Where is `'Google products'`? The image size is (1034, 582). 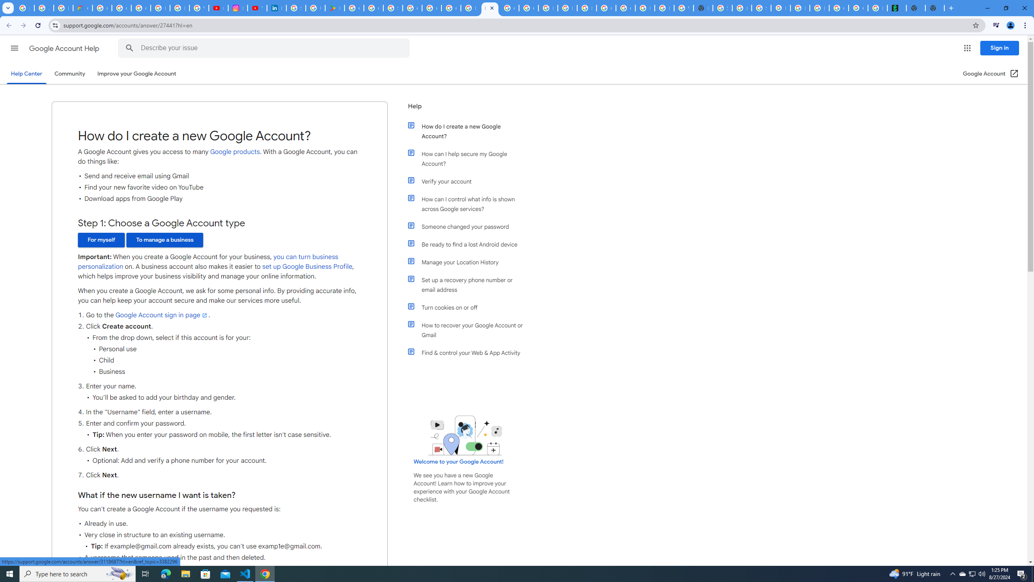
'Google products' is located at coordinates (235, 152).